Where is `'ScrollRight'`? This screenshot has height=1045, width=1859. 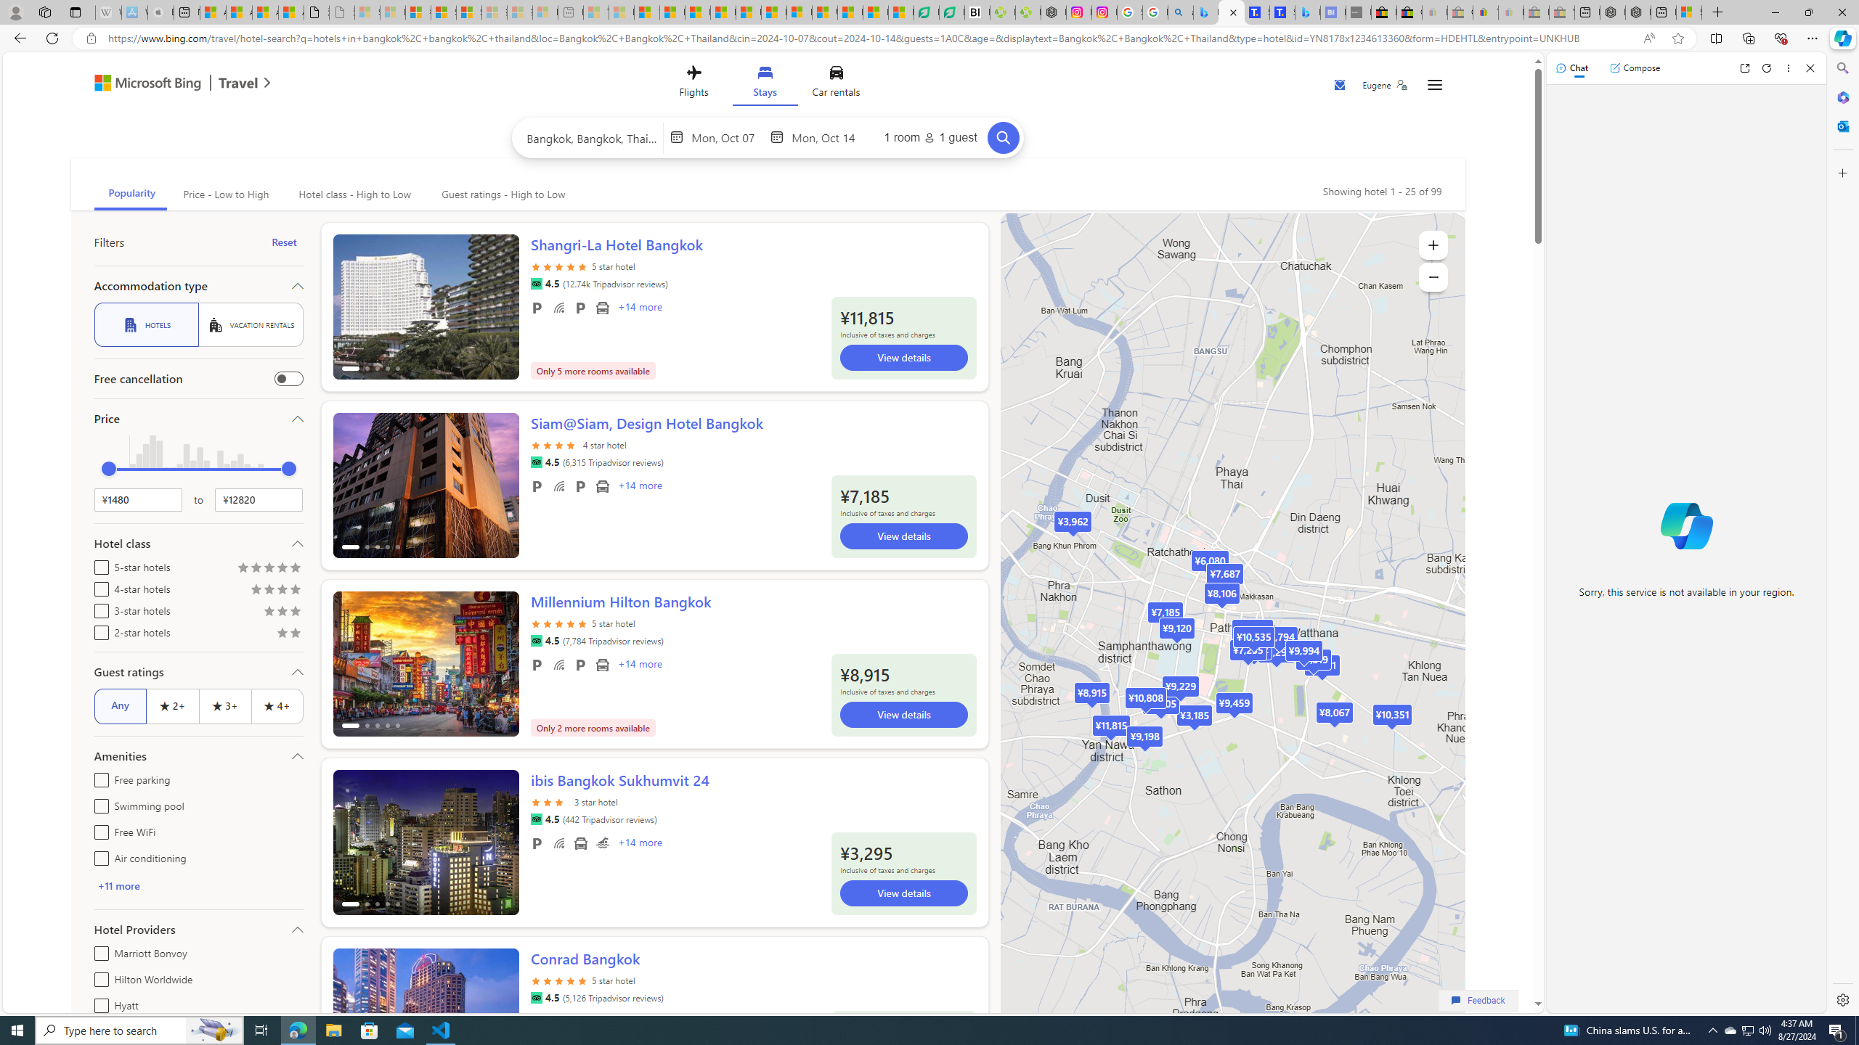 'ScrollRight' is located at coordinates (500, 1014).